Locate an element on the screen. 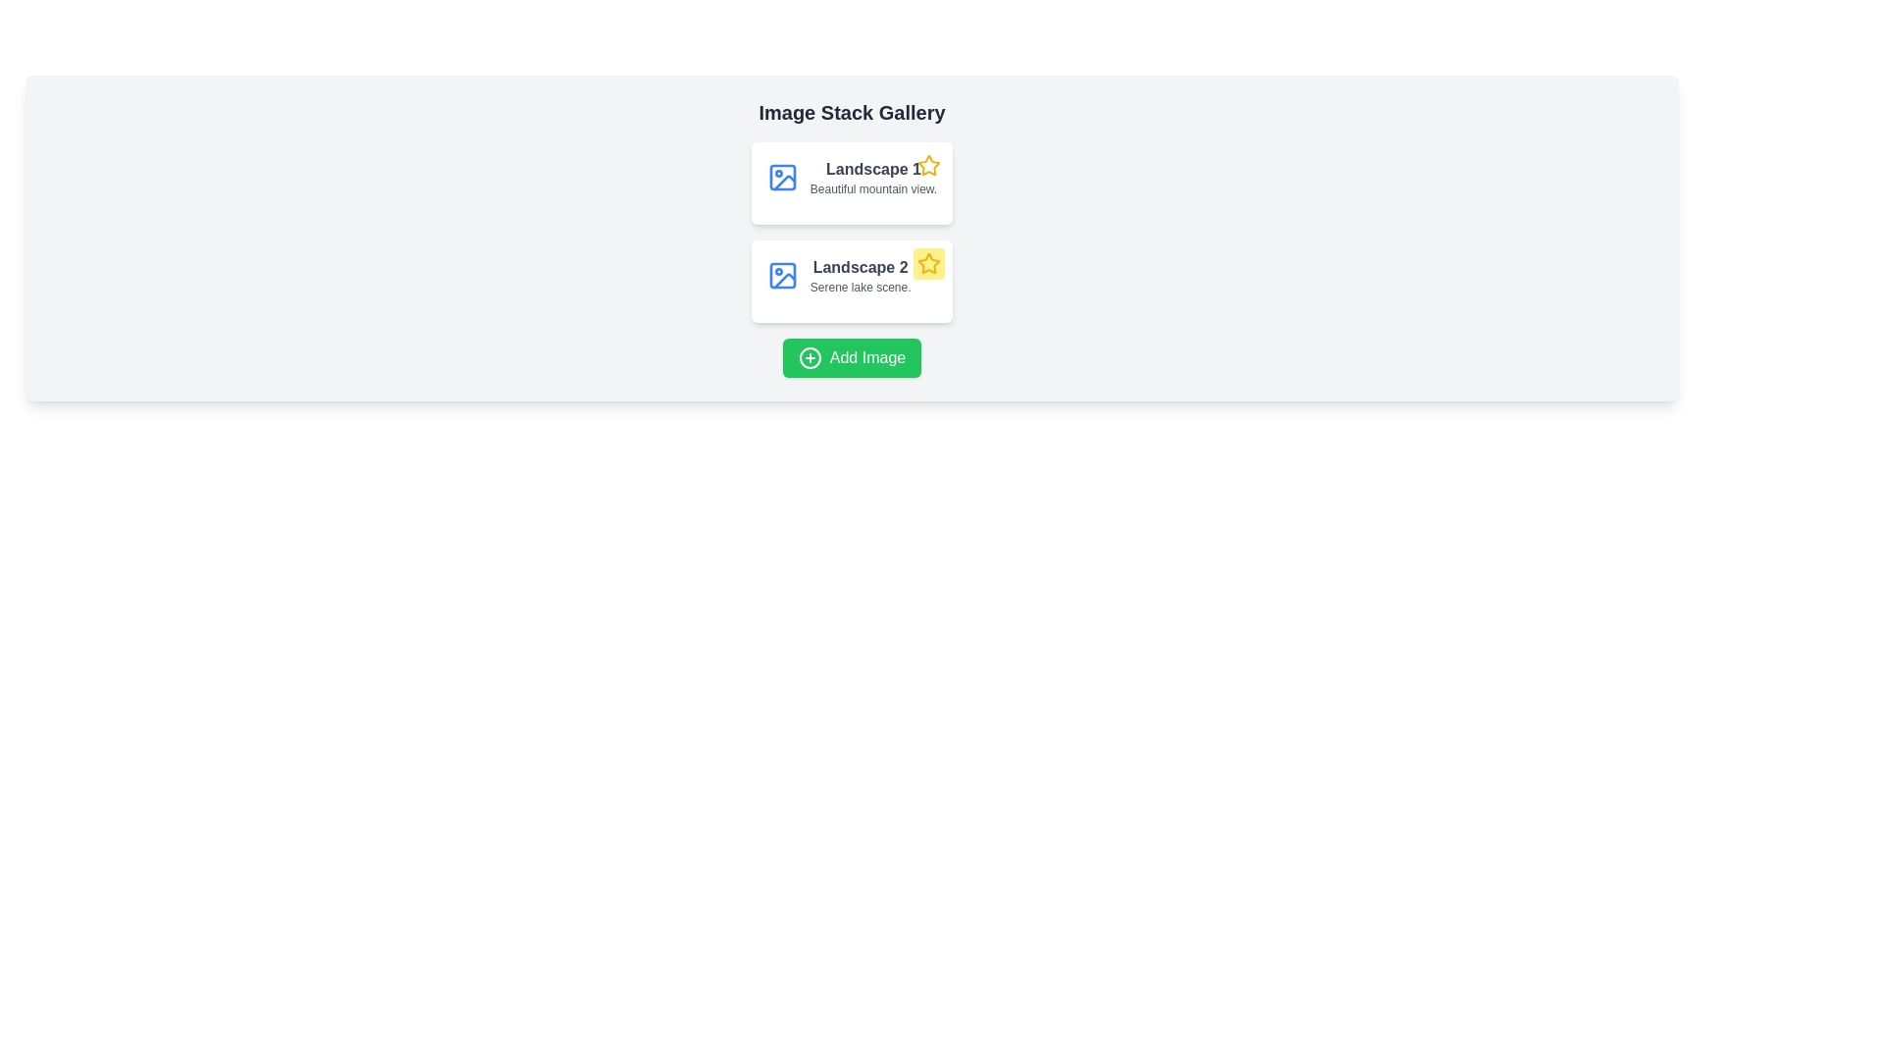  text element that provides a title and description for the image or gallery item, located directly above the second card's text in a vertical list of cards is located at coordinates (872, 178).